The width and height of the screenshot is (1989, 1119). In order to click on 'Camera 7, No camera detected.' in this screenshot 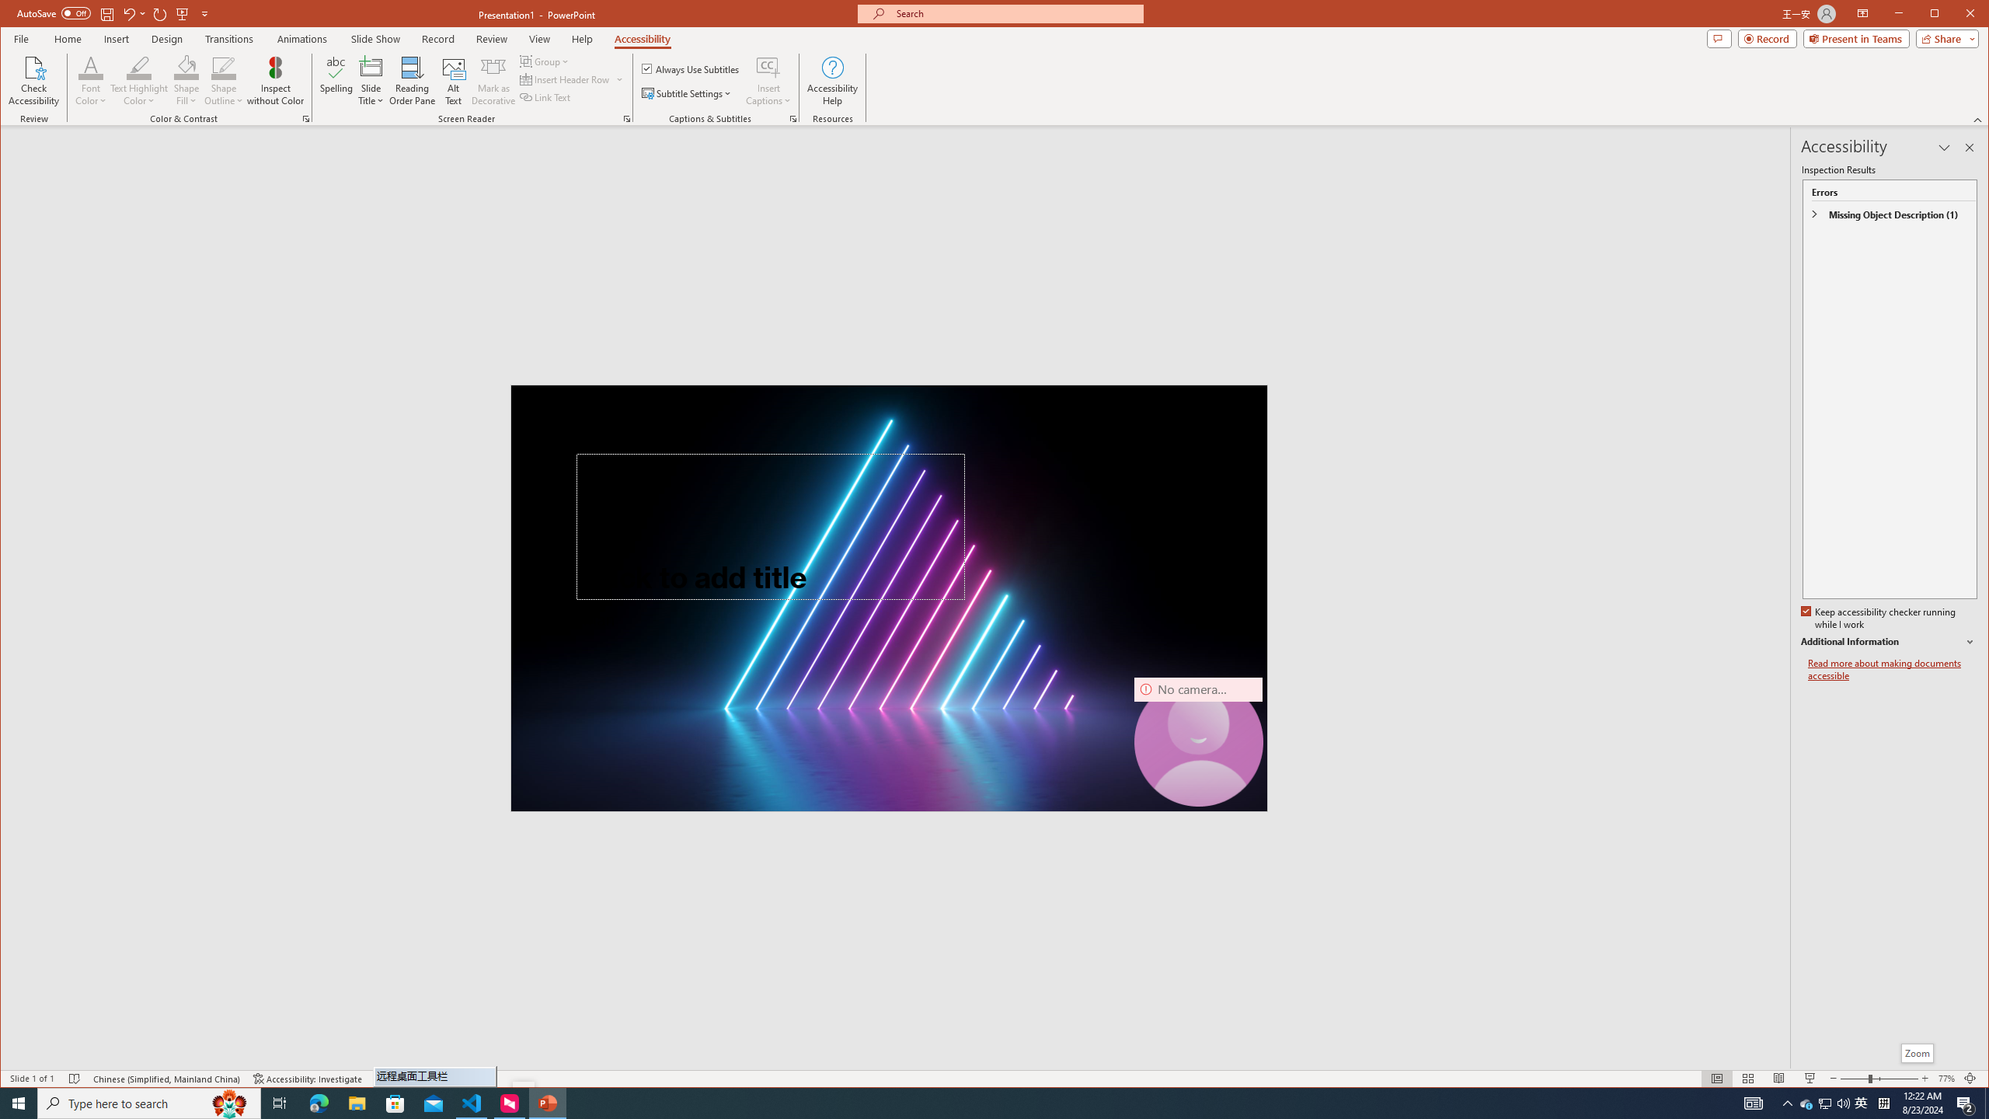, I will do `click(1198, 741)`.